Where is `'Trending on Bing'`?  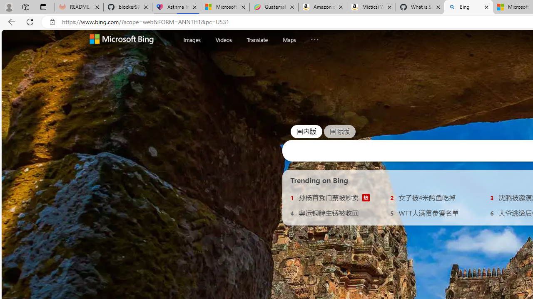 'Trending on Bing' is located at coordinates (319, 180).